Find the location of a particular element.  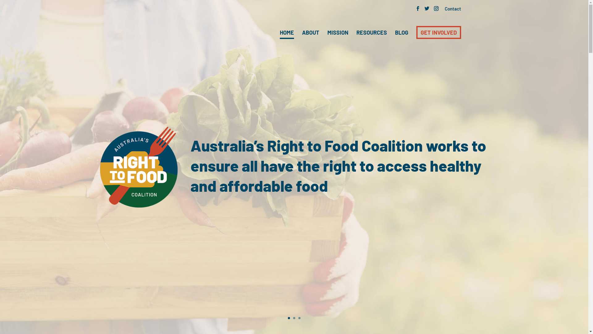

'GET INVOLVED' is located at coordinates (438, 32).